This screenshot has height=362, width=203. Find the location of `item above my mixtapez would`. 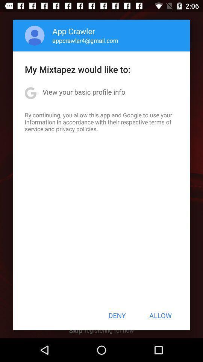

item above my mixtapez would is located at coordinates (34, 35).